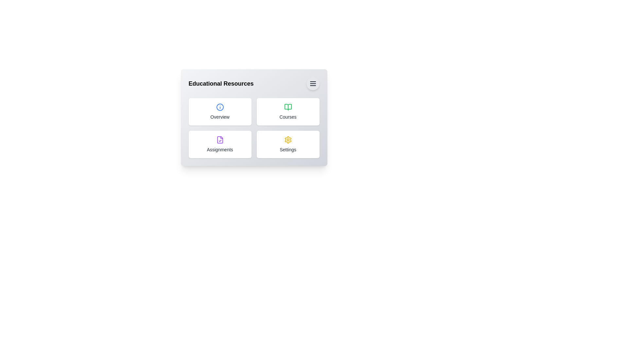 The width and height of the screenshot is (628, 353). What do you see at coordinates (312, 83) in the screenshot?
I see `the menu button to toggle the menu visibility` at bounding box center [312, 83].